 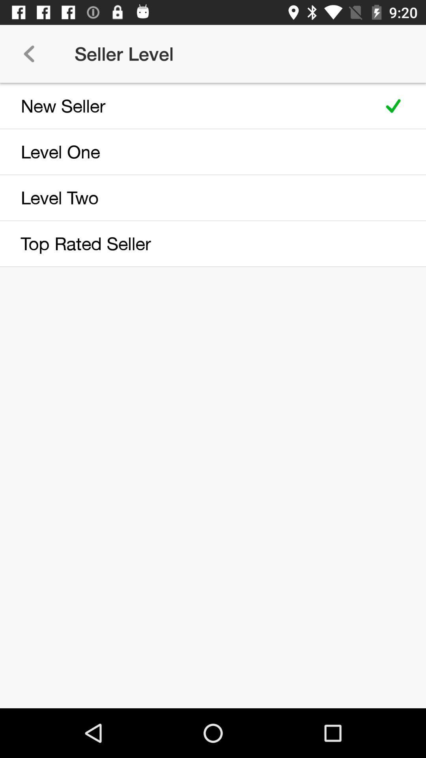 I want to click on the level one icon, so click(x=186, y=152).